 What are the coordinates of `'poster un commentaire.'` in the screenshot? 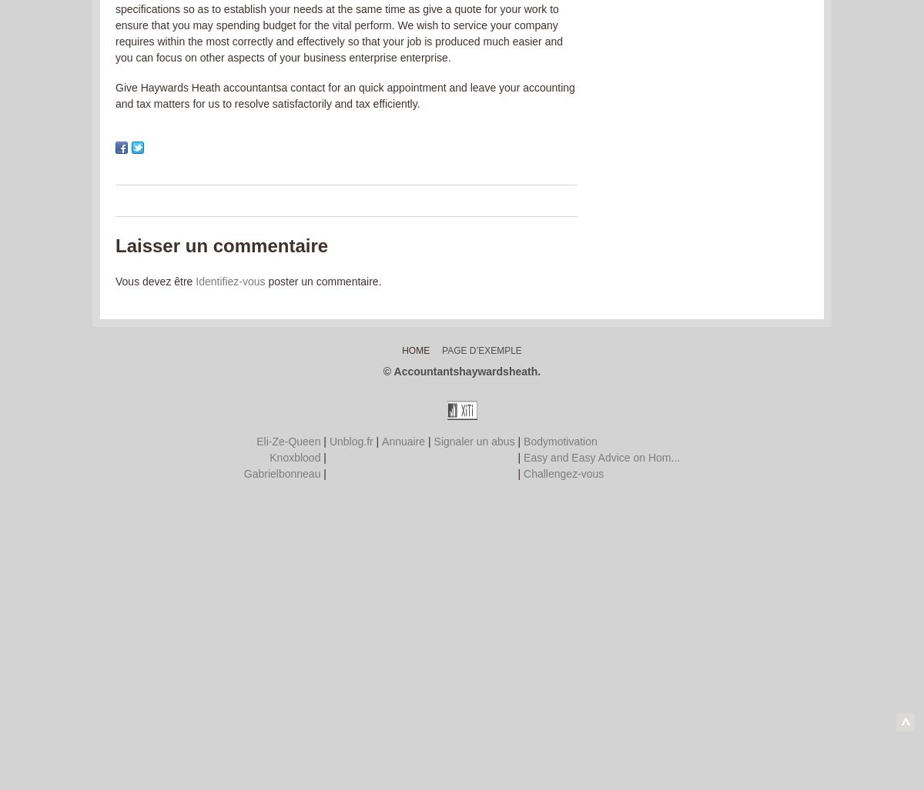 It's located at (323, 282).